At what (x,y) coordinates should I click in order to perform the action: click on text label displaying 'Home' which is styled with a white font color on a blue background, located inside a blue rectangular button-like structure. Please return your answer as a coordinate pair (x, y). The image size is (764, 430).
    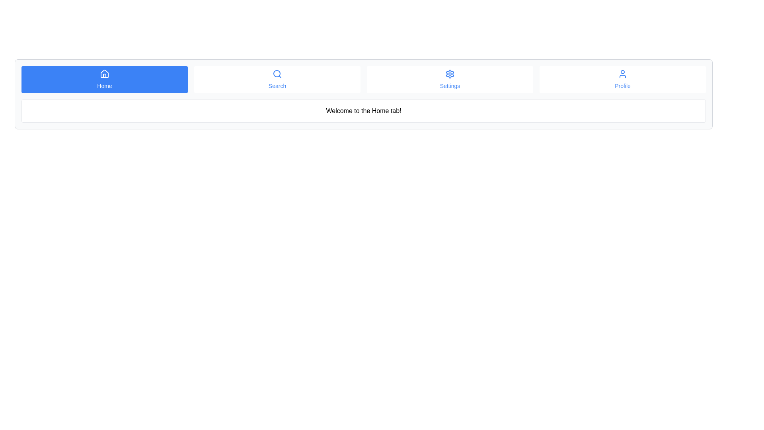
    Looking at the image, I should click on (104, 86).